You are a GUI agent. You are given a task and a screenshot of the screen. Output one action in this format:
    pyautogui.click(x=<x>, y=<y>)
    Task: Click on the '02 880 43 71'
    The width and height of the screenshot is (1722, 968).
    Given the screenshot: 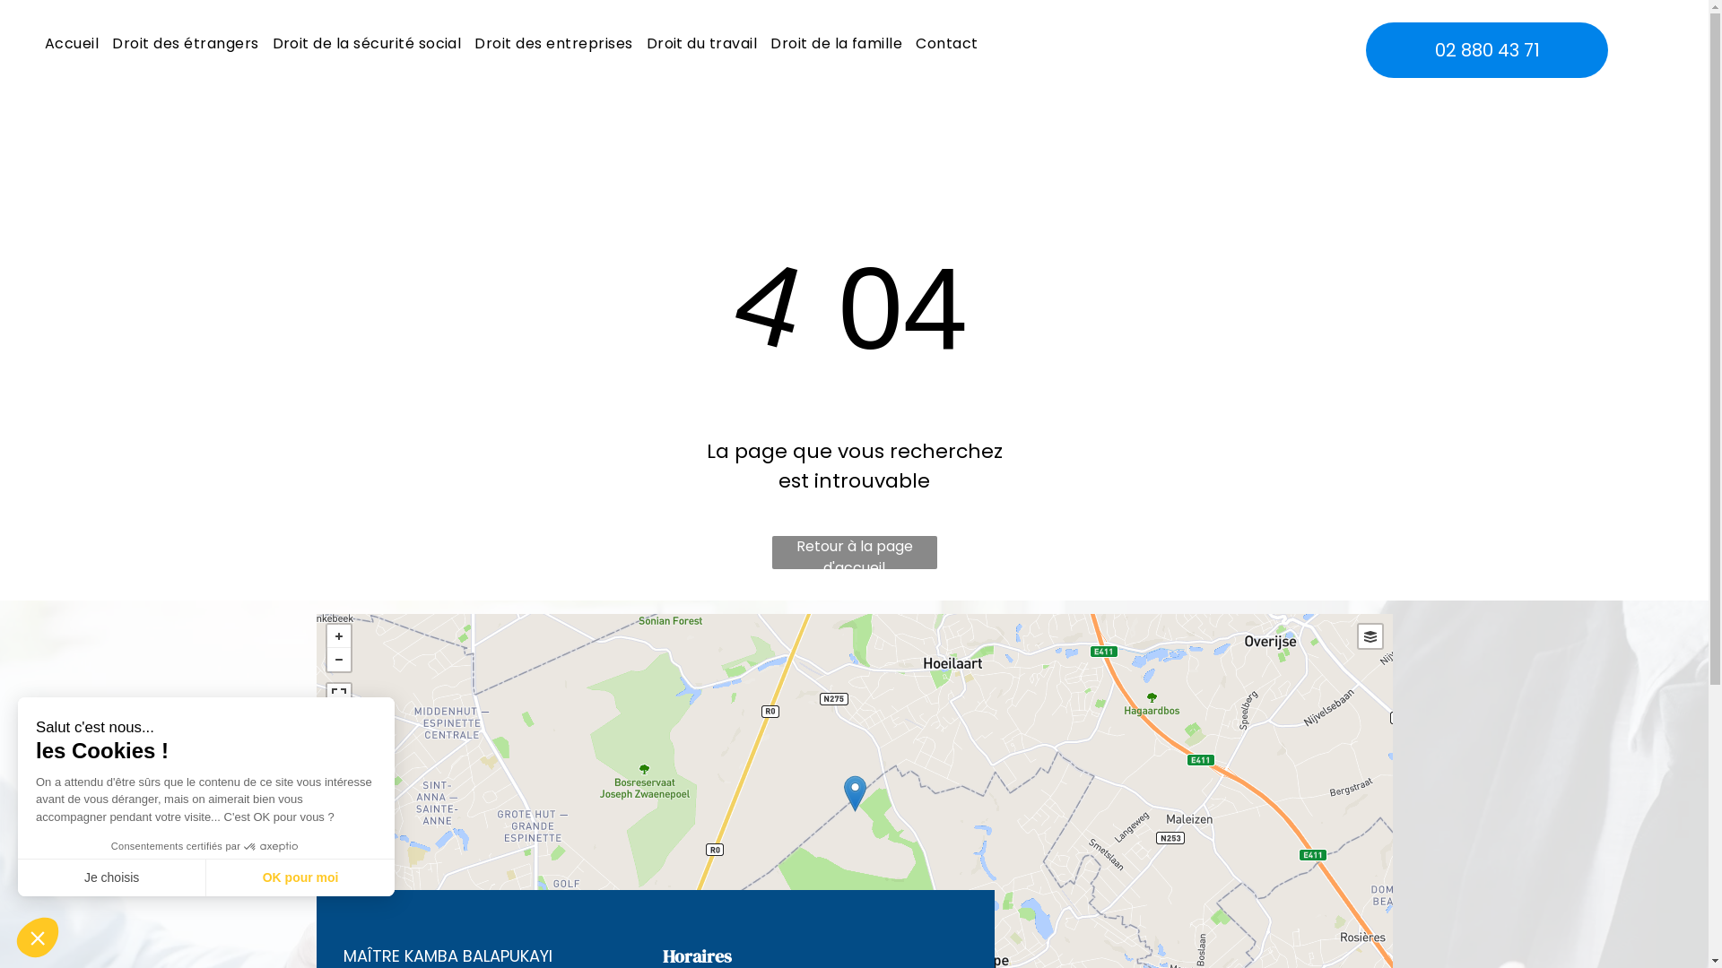 What is the action you would take?
    pyautogui.click(x=1486, y=49)
    